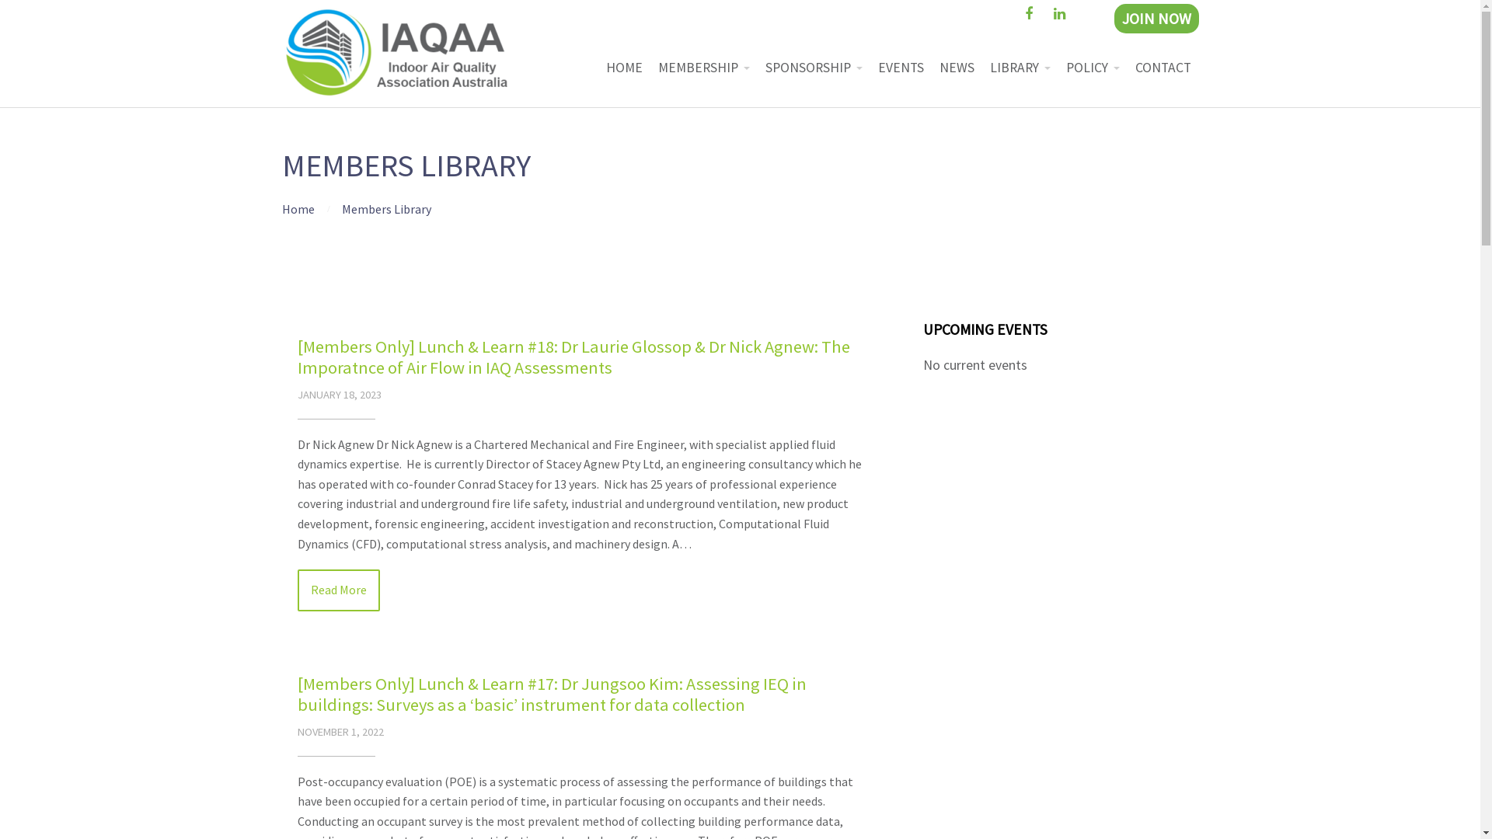  I want to click on 'LIBRARY', so click(981, 67).